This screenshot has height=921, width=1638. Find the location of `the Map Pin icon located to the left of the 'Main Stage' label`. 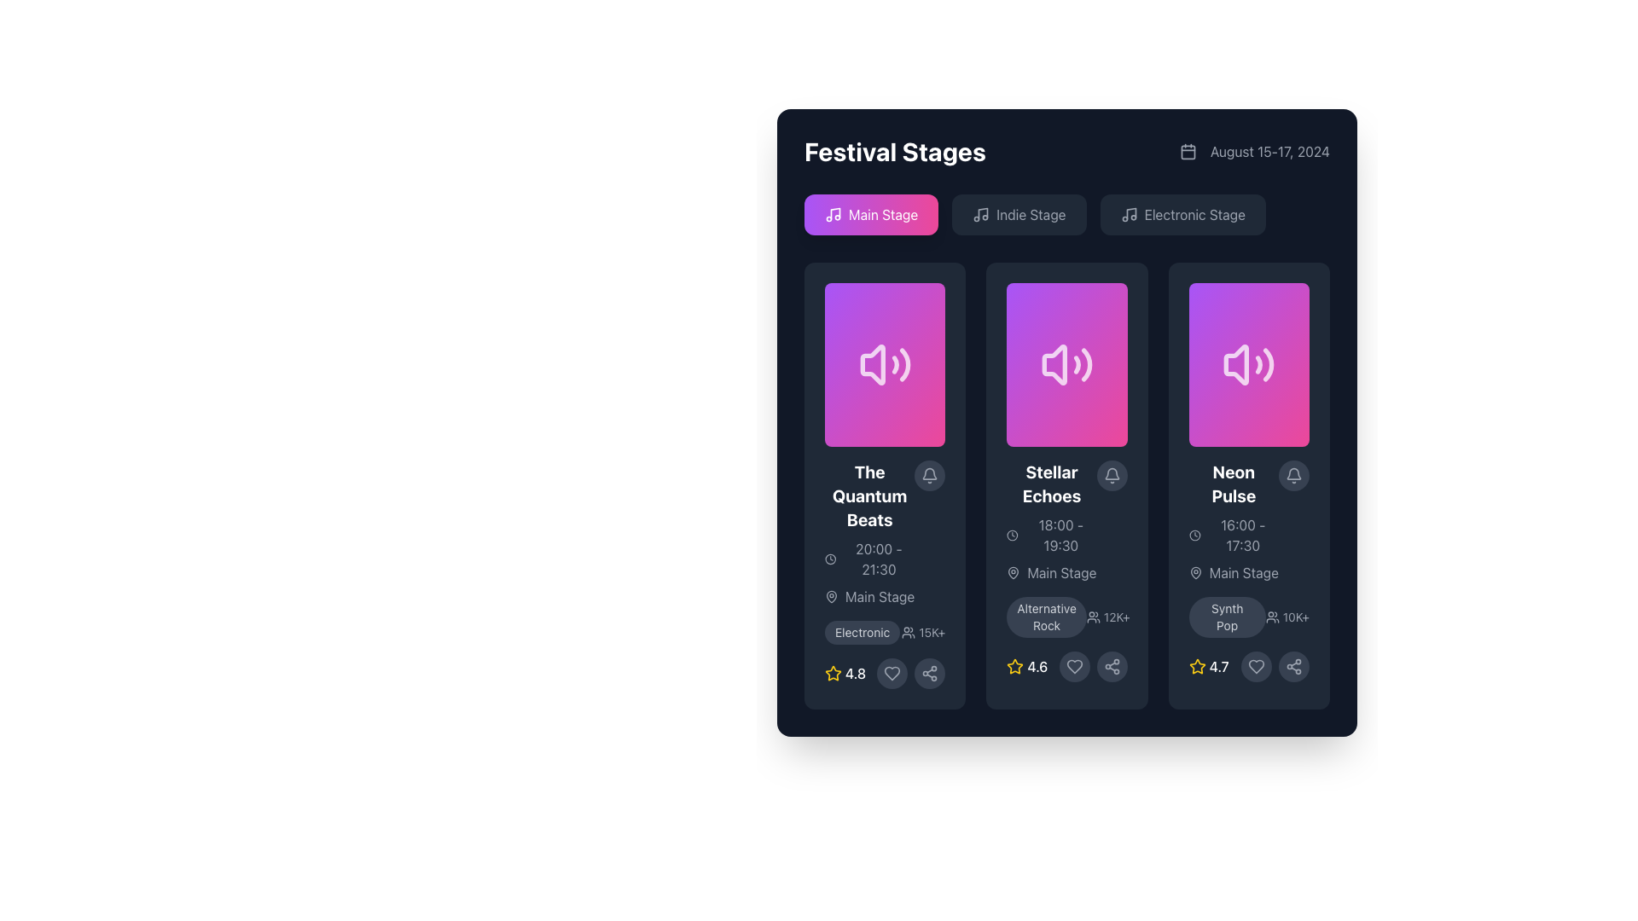

the Map Pin icon located to the left of the 'Main Stage' label is located at coordinates (1194, 572).